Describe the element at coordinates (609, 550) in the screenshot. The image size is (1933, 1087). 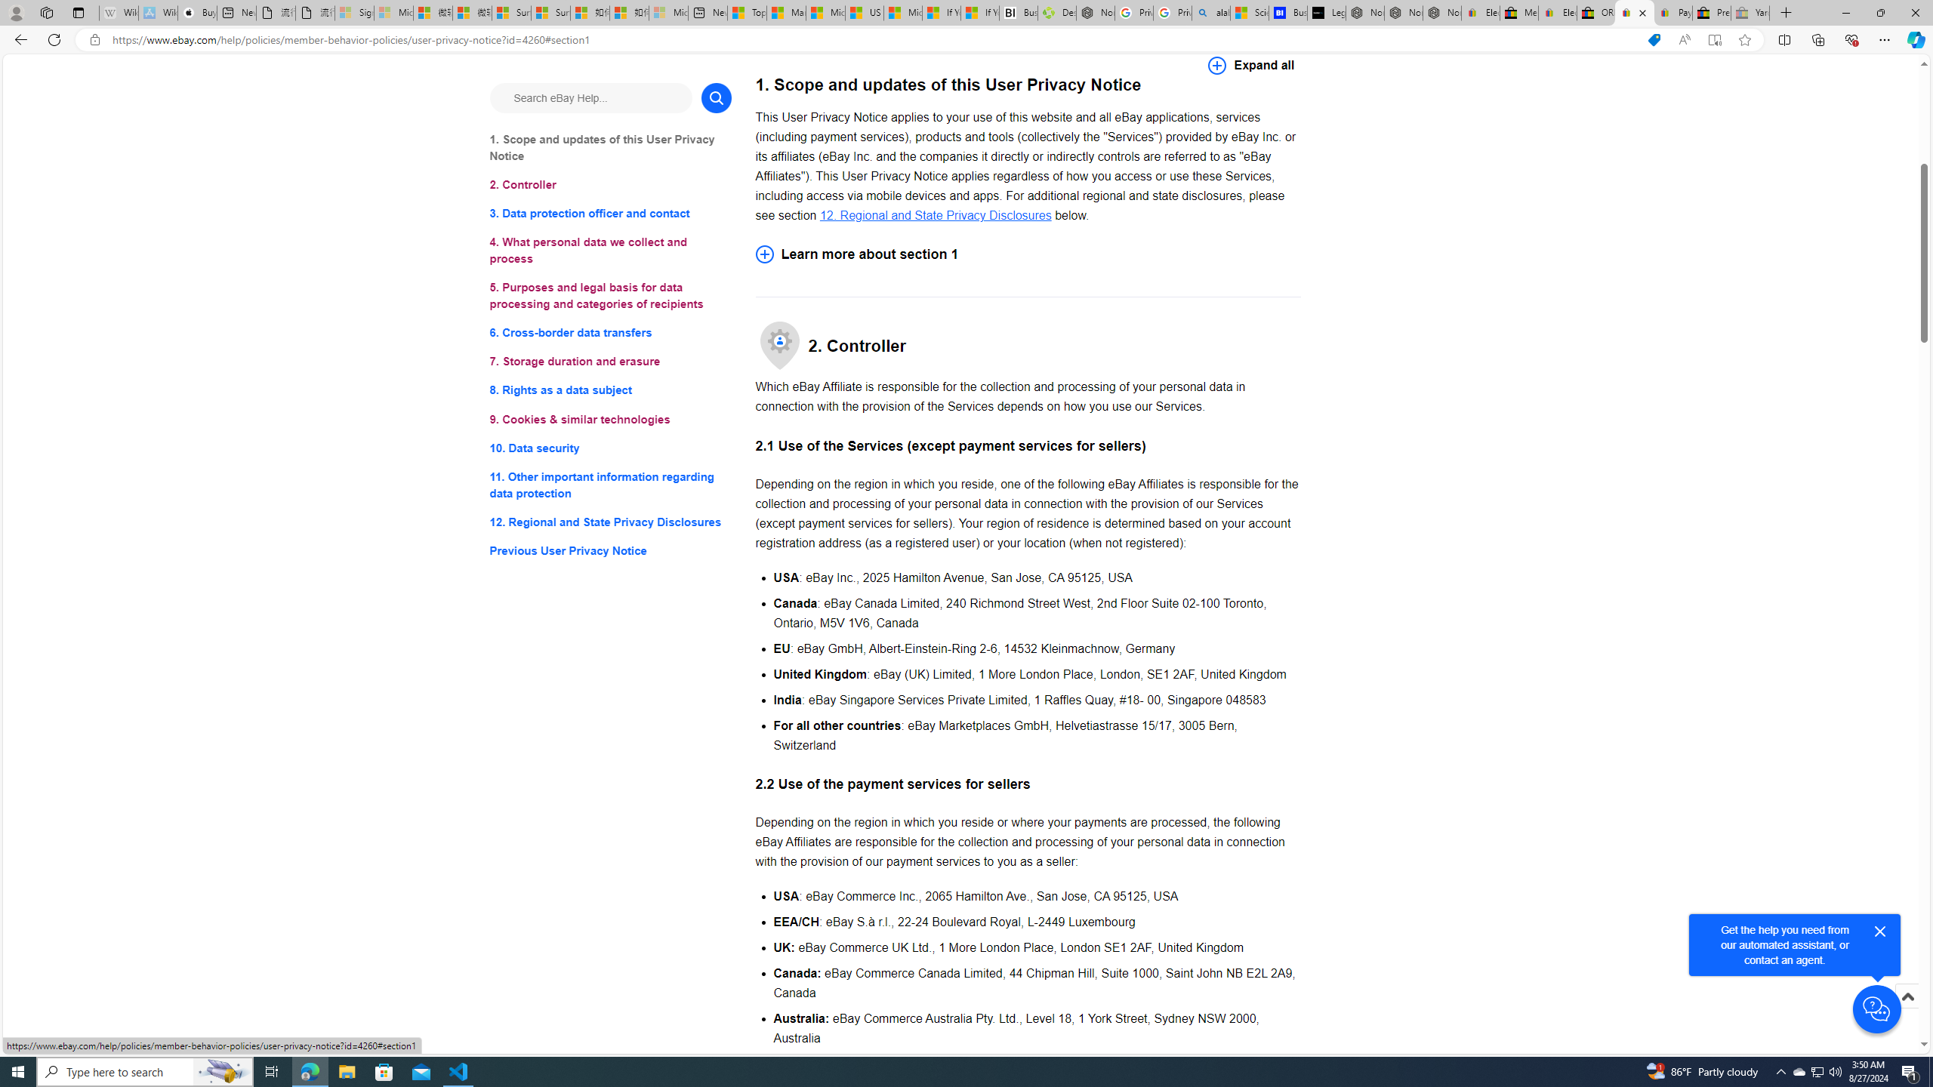
I see `'Previous User Privacy Notice'` at that location.